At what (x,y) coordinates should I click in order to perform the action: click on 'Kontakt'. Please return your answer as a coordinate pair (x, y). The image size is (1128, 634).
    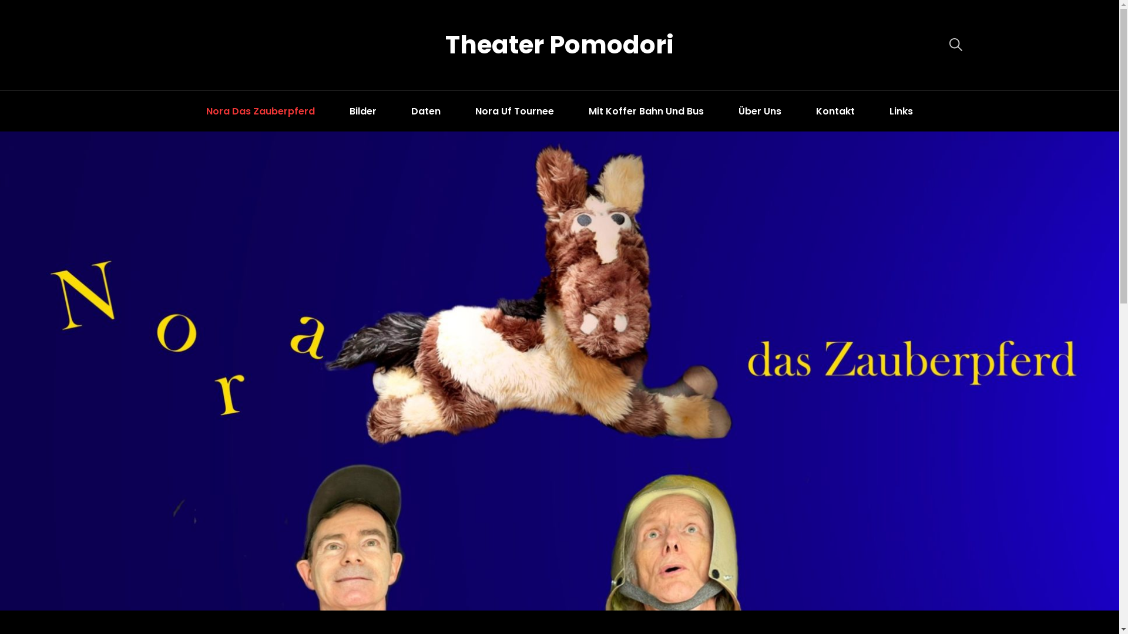
    Looking at the image, I should click on (834, 111).